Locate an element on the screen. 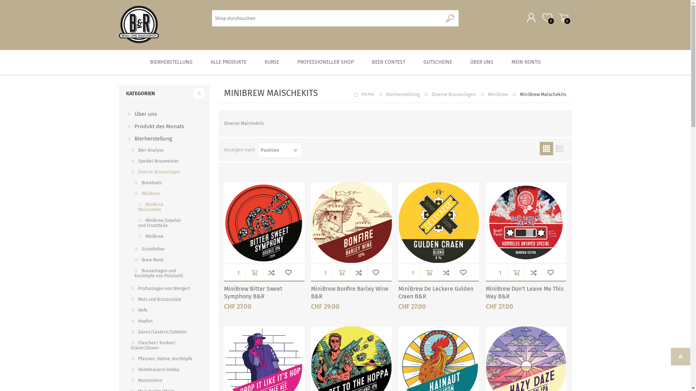  'in Warenkorb' is located at coordinates (254, 272).